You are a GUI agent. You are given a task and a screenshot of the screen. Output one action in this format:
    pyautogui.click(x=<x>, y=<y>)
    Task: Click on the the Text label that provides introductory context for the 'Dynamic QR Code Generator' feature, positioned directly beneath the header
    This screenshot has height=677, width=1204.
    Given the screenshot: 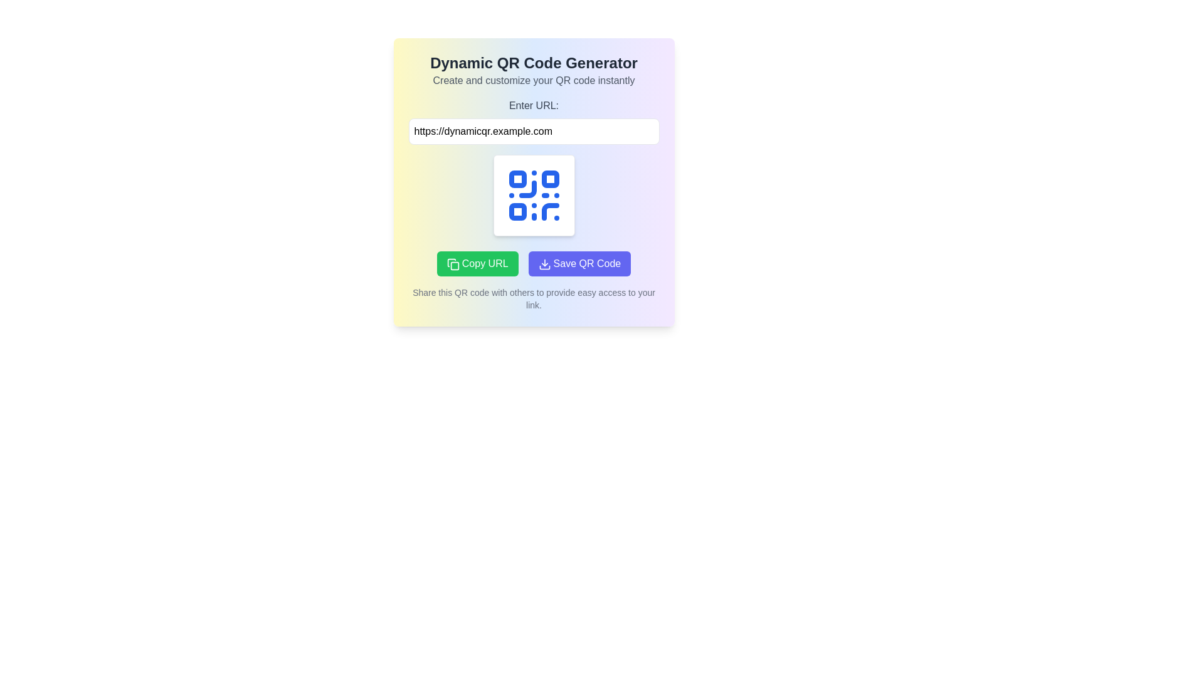 What is the action you would take?
    pyautogui.click(x=534, y=80)
    